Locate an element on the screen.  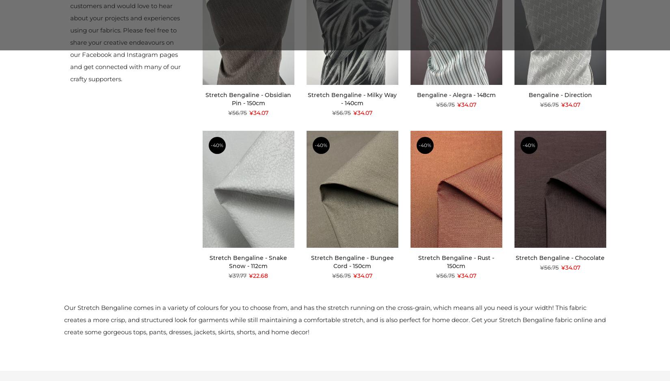
'¥37.77' is located at coordinates (228, 276).